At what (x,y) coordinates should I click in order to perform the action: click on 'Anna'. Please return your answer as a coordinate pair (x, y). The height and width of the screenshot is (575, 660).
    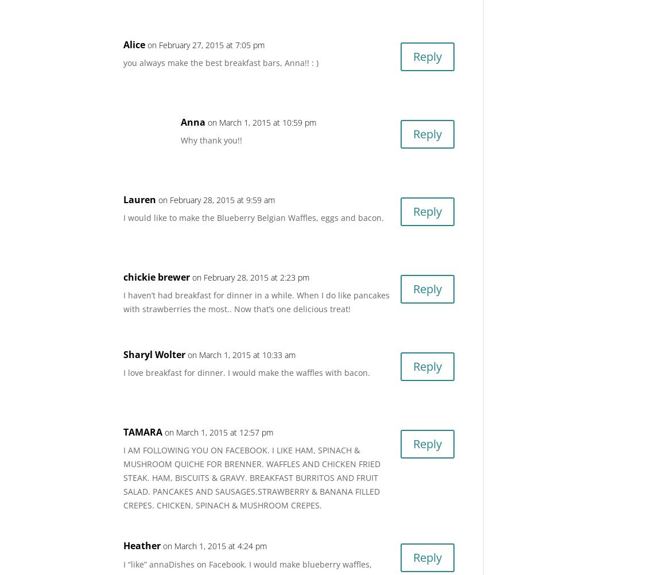
    Looking at the image, I should click on (193, 122).